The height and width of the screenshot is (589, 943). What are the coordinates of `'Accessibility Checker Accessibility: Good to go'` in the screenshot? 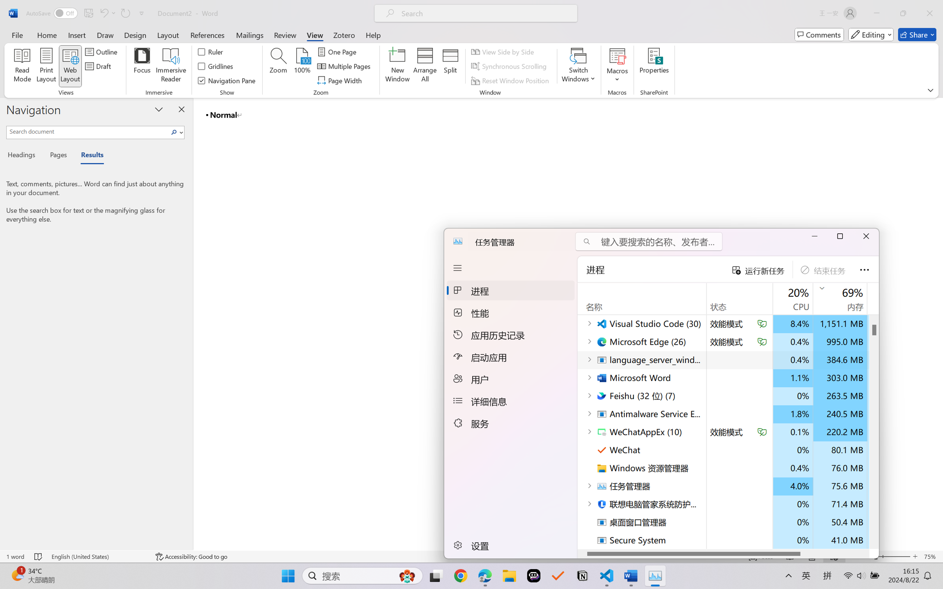 It's located at (191, 556).